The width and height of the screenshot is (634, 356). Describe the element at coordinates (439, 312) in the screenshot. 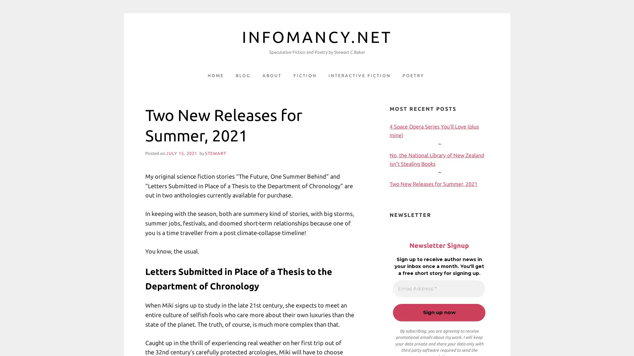

I see `Sign up now` at that location.